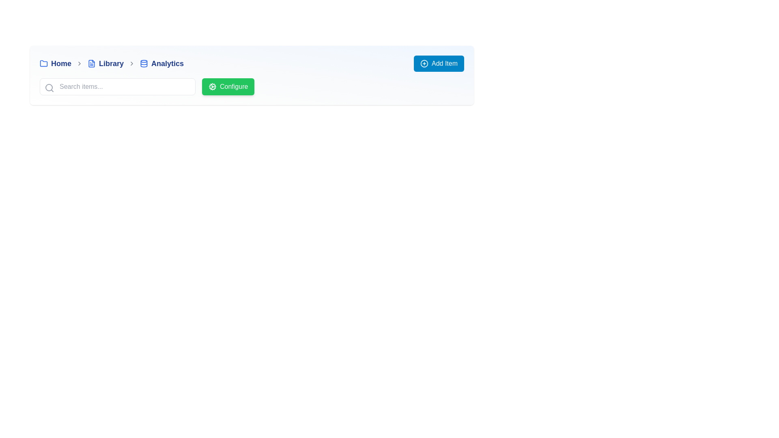  I want to click on the 'Add Item' button icon, which is located at the center-left of the button area in the top-right corner of the interface, so click(424, 63).